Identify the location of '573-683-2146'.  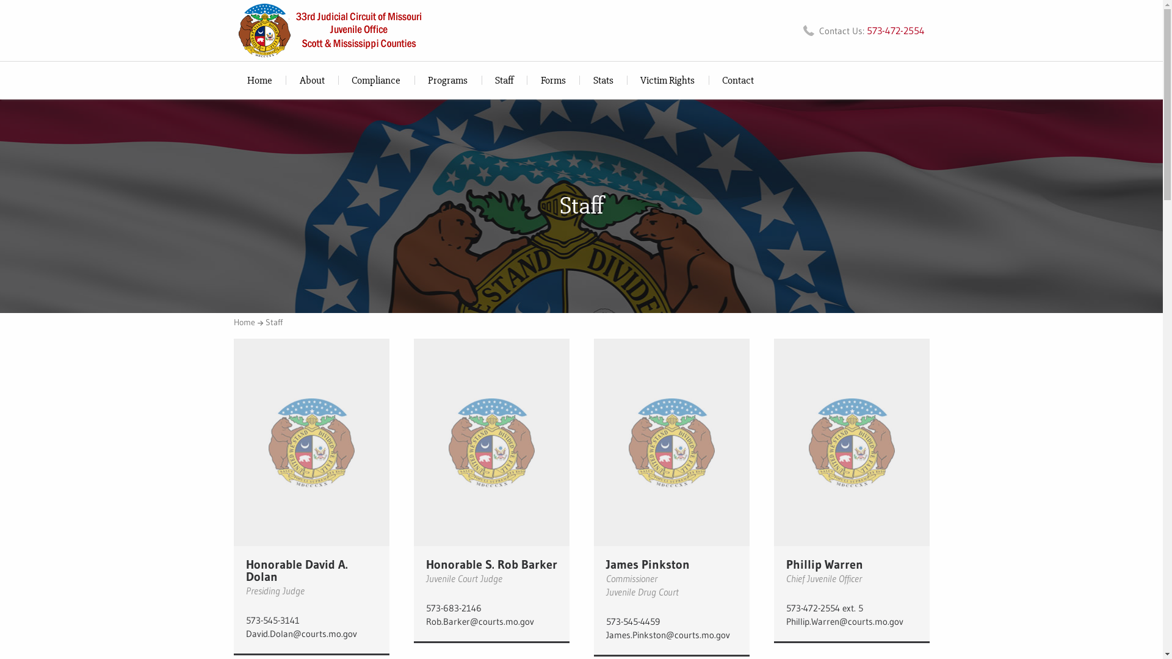
(491, 608).